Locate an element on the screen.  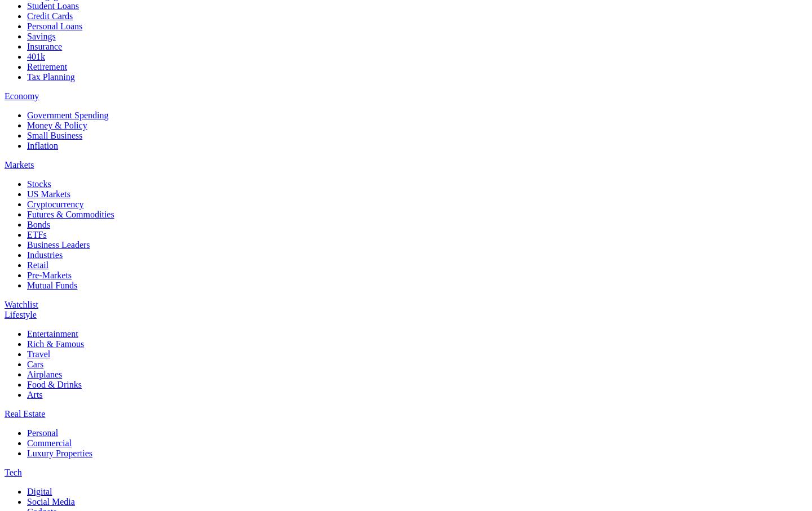
'Student Loans' is located at coordinates (53, 5).